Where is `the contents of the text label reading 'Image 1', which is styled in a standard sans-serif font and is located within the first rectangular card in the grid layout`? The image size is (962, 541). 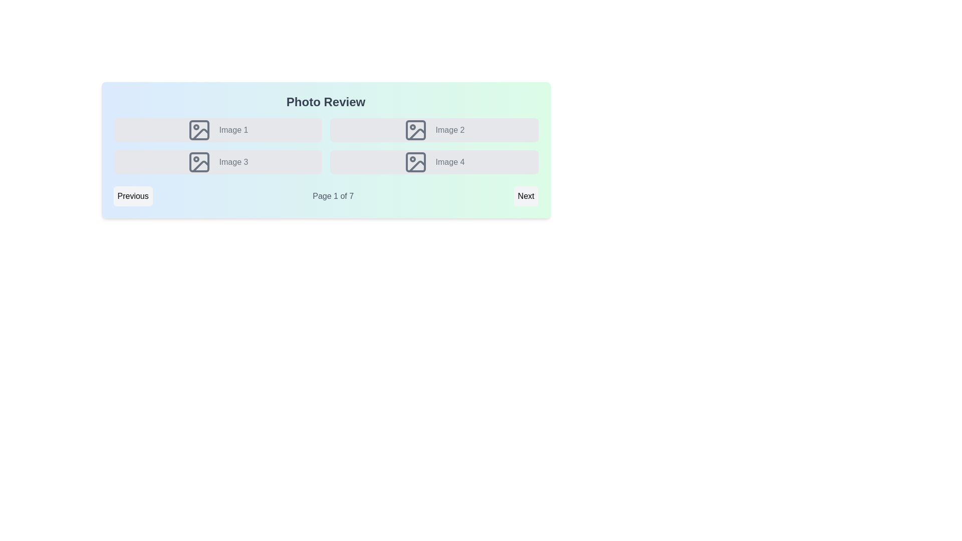 the contents of the text label reading 'Image 1', which is styled in a standard sans-serif font and is located within the first rectangular card in the grid layout is located at coordinates (233, 129).